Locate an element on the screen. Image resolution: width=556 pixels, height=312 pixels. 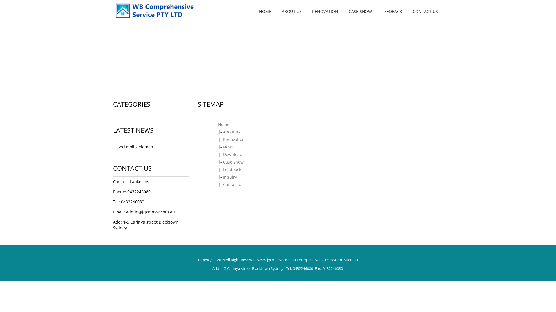
'CONTACT US' is located at coordinates (425, 11).